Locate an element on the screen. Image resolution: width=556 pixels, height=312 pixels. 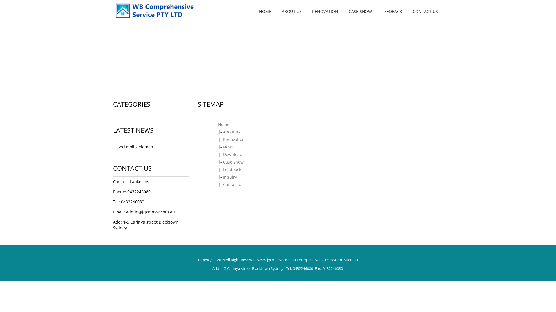
'CONTACT US' is located at coordinates (425, 11).